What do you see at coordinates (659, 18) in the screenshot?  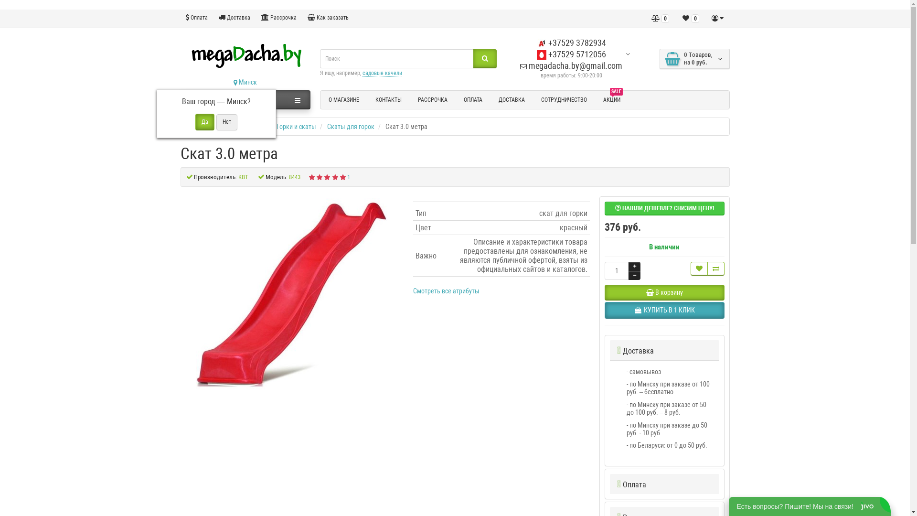 I see `'0'` at bounding box center [659, 18].